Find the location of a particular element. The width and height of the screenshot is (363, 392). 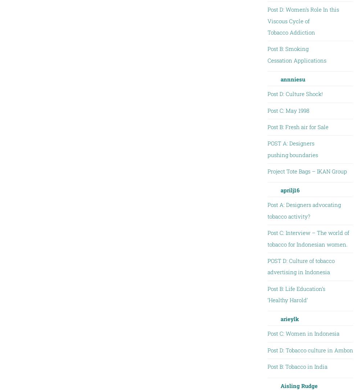

'POST A: Designers pushing boundaries' is located at coordinates (292, 148).